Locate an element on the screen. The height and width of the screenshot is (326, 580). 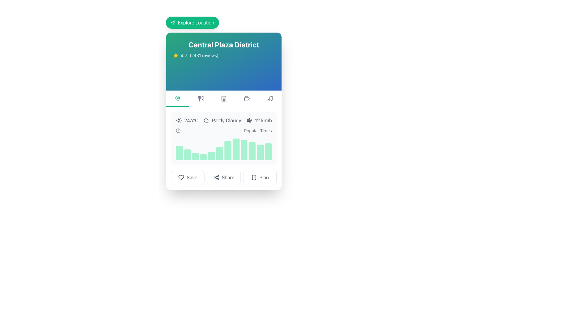
the pin icon located in the horizontal navigation bar under the title 'Central Plaza District' is located at coordinates (177, 98).